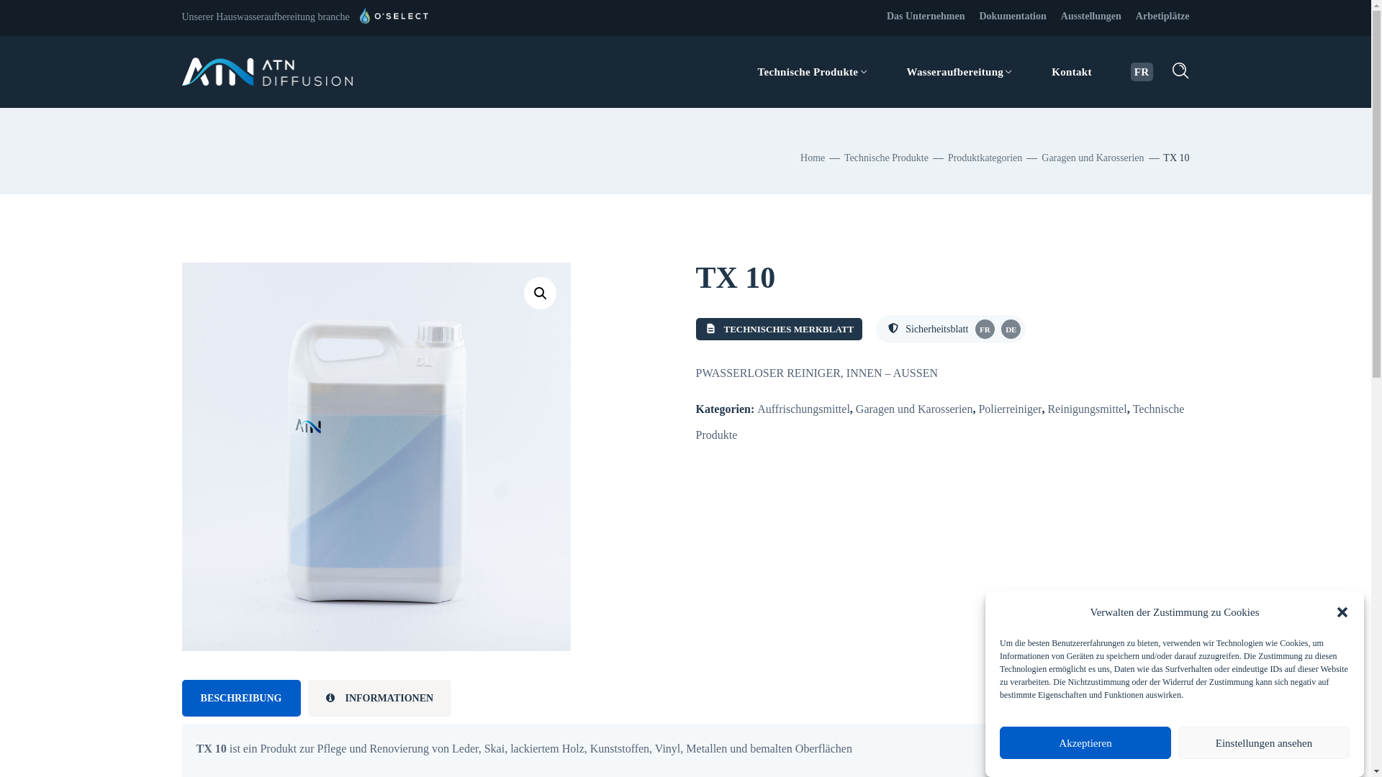  Describe the element at coordinates (984, 158) in the screenshot. I see `'Produktkategorien'` at that location.